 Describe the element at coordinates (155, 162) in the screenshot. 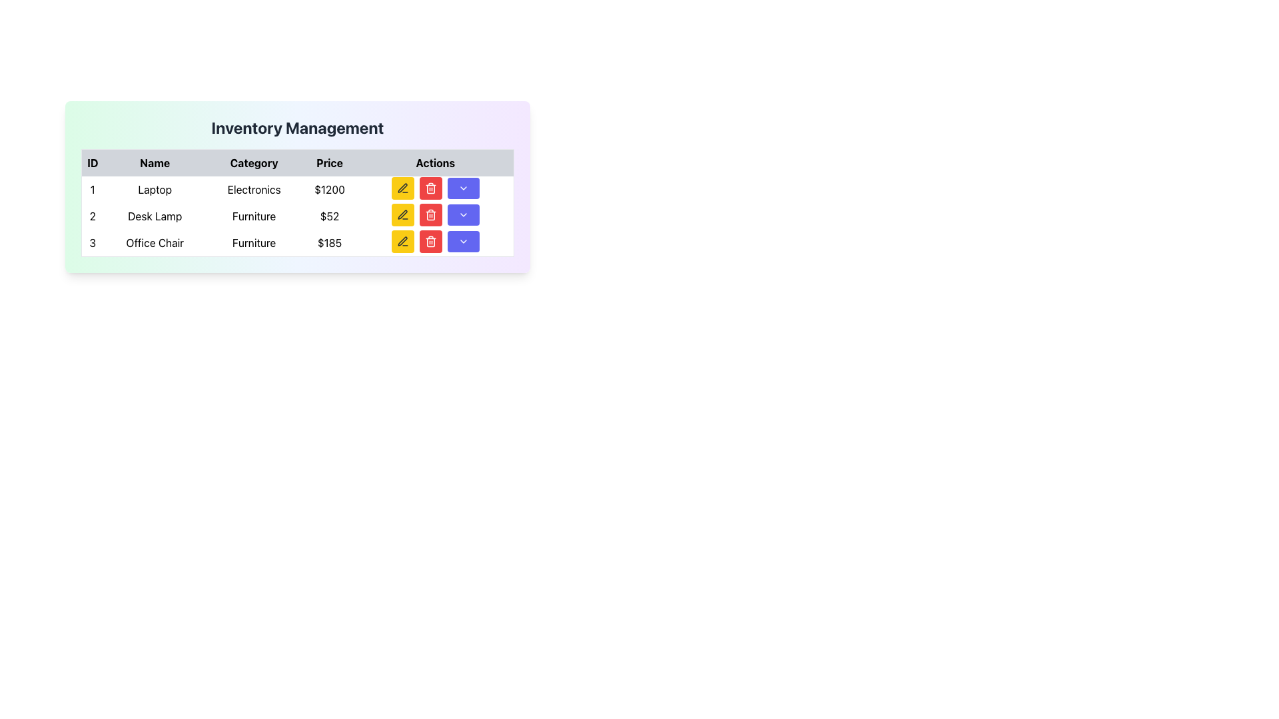

I see `the text label that reads 'Name', which is styled in black text on a light gray background and is part of the header row in the data table` at that location.